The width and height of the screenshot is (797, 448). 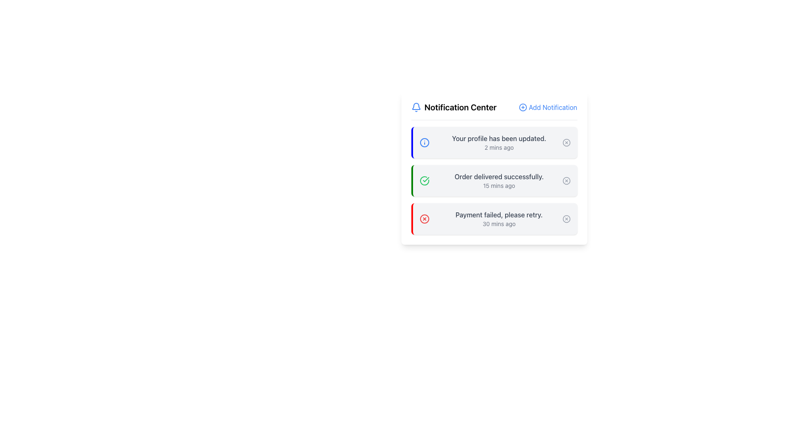 I want to click on individual notifications in the Notification list located in the Notification Center section, below the header containing 'Notification Center' and 'Add Notification', so click(x=494, y=180).